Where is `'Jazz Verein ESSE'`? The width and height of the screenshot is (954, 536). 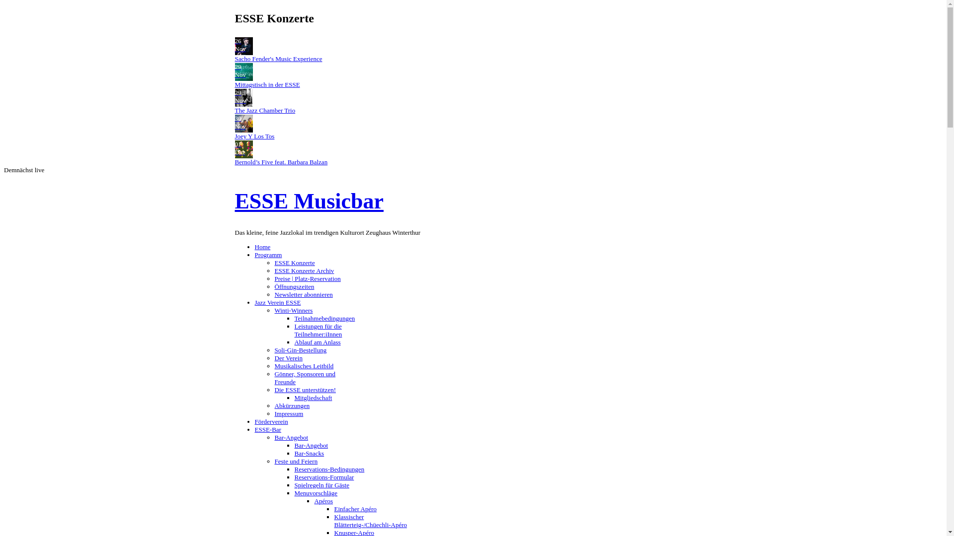
'Jazz Verein ESSE' is located at coordinates (254, 302).